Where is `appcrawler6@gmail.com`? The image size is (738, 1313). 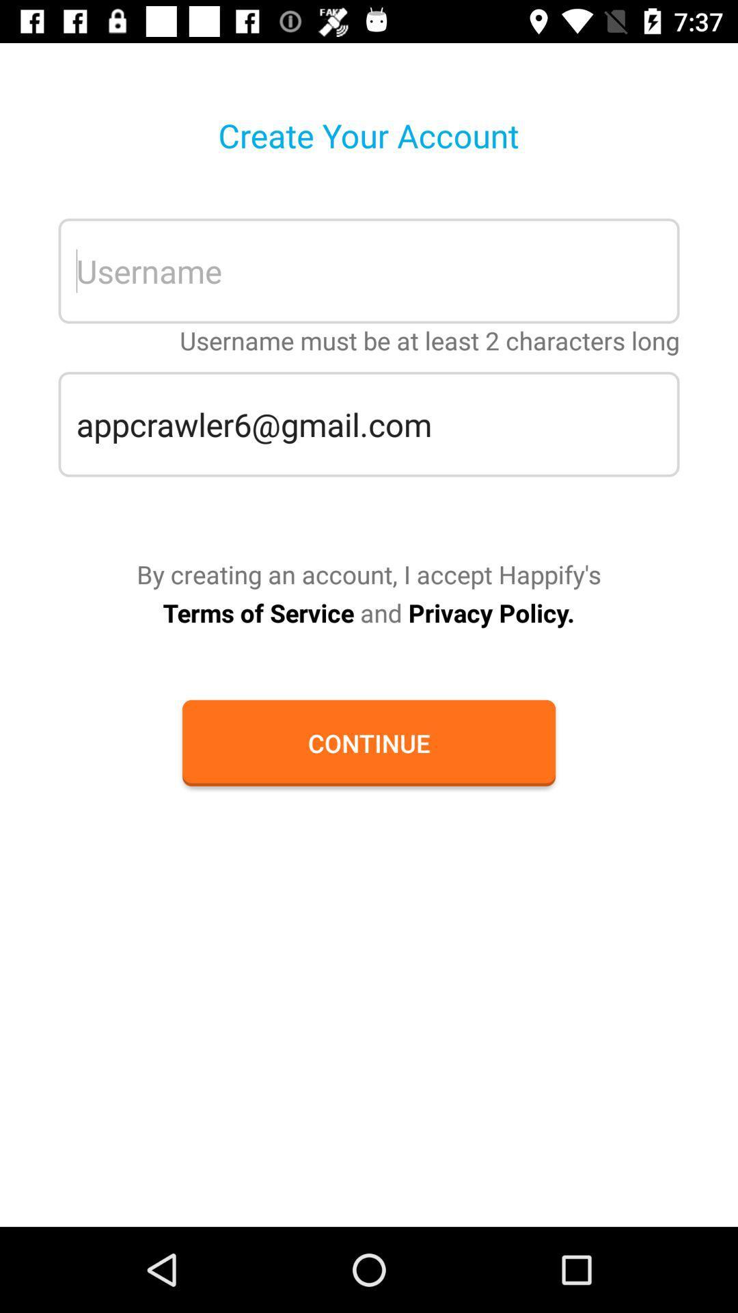 appcrawler6@gmail.com is located at coordinates (369, 423).